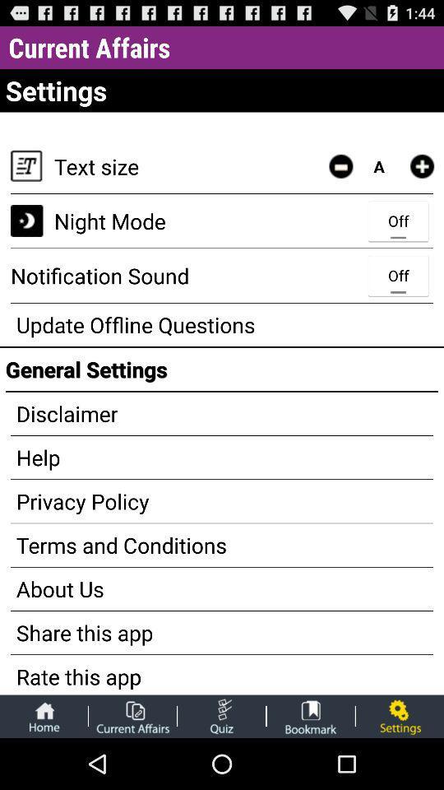 The image size is (444, 790). What do you see at coordinates (222, 458) in the screenshot?
I see `the help app` at bounding box center [222, 458].